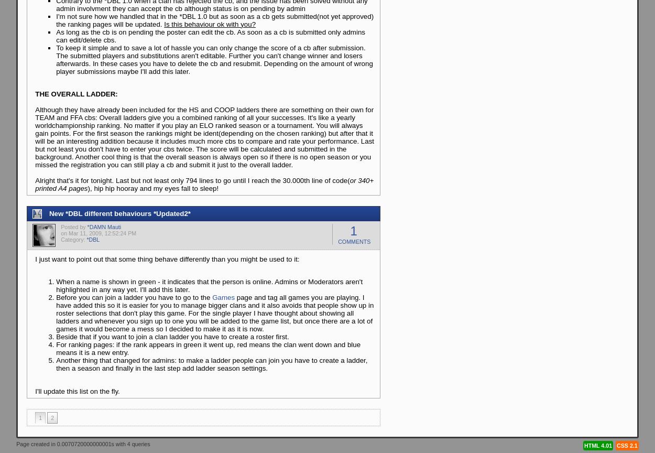 This screenshot has width=655, height=453. What do you see at coordinates (354, 242) in the screenshot?
I see `'Comments'` at bounding box center [354, 242].